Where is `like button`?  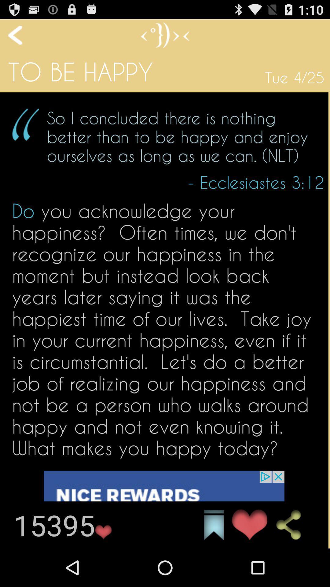
like button is located at coordinates (163, 509).